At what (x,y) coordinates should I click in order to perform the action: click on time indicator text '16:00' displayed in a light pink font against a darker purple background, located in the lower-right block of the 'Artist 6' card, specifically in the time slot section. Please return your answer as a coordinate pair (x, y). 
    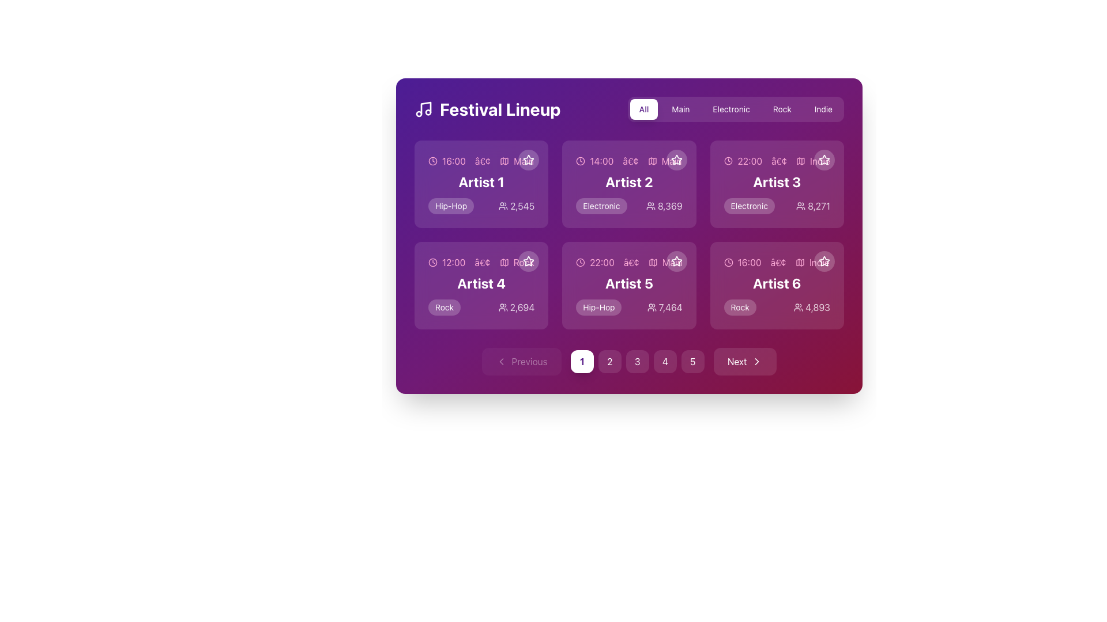
    Looking at the image, I should click on (750, 262).